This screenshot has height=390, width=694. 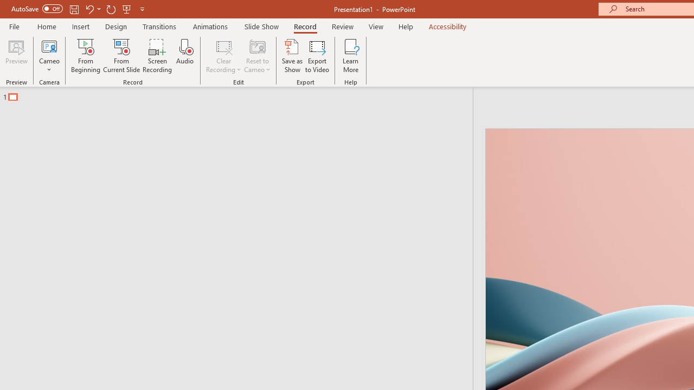 I want to click on 'Export to Video', so click(x=317, y=56).